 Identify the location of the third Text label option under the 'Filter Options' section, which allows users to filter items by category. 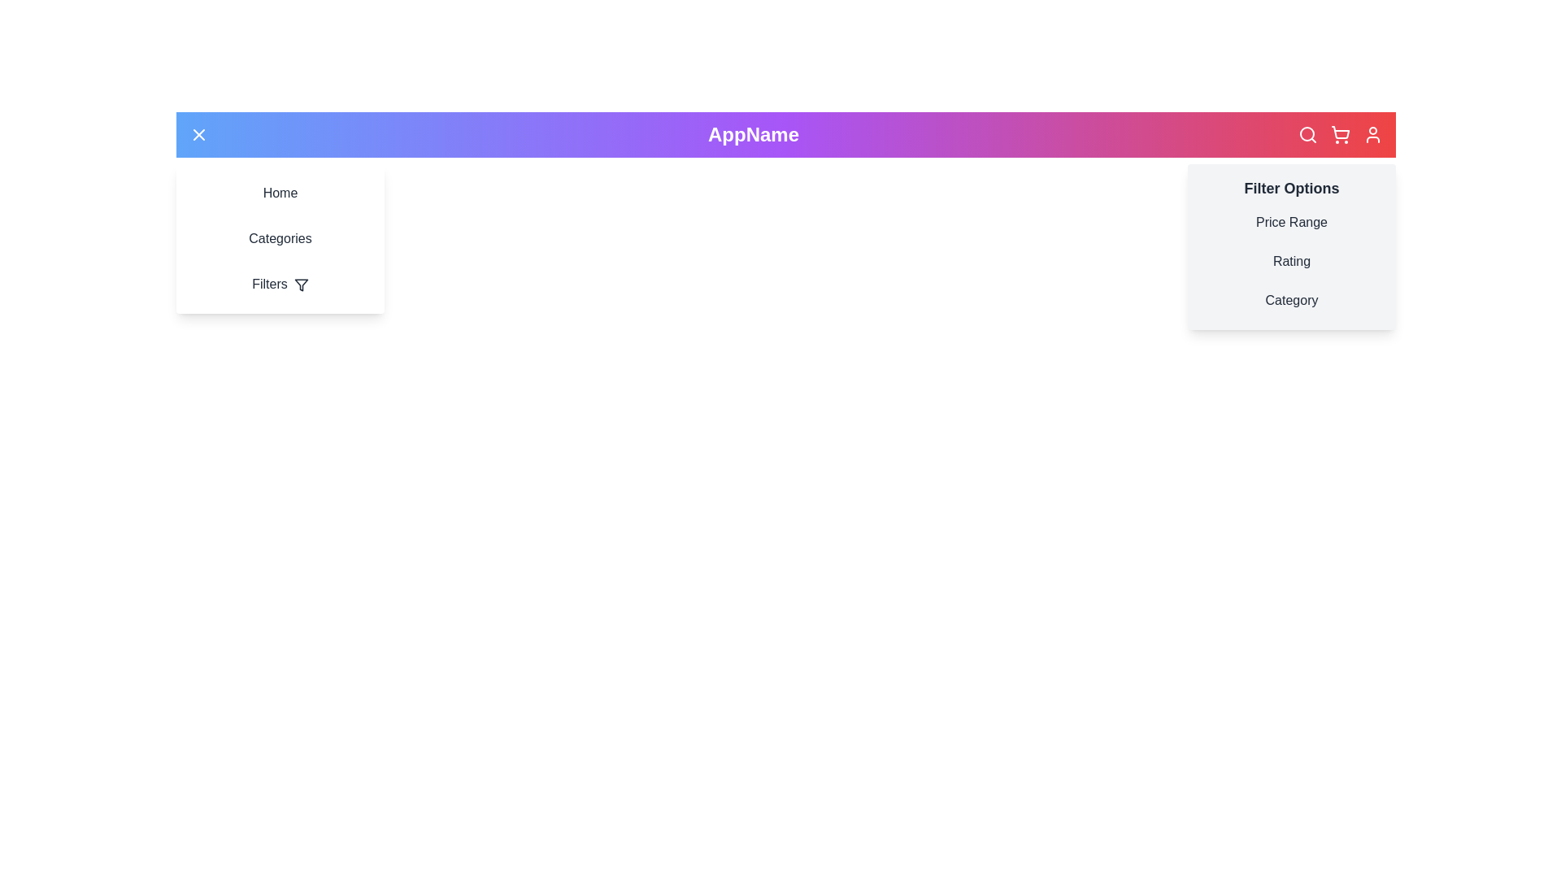
(1290, 301).